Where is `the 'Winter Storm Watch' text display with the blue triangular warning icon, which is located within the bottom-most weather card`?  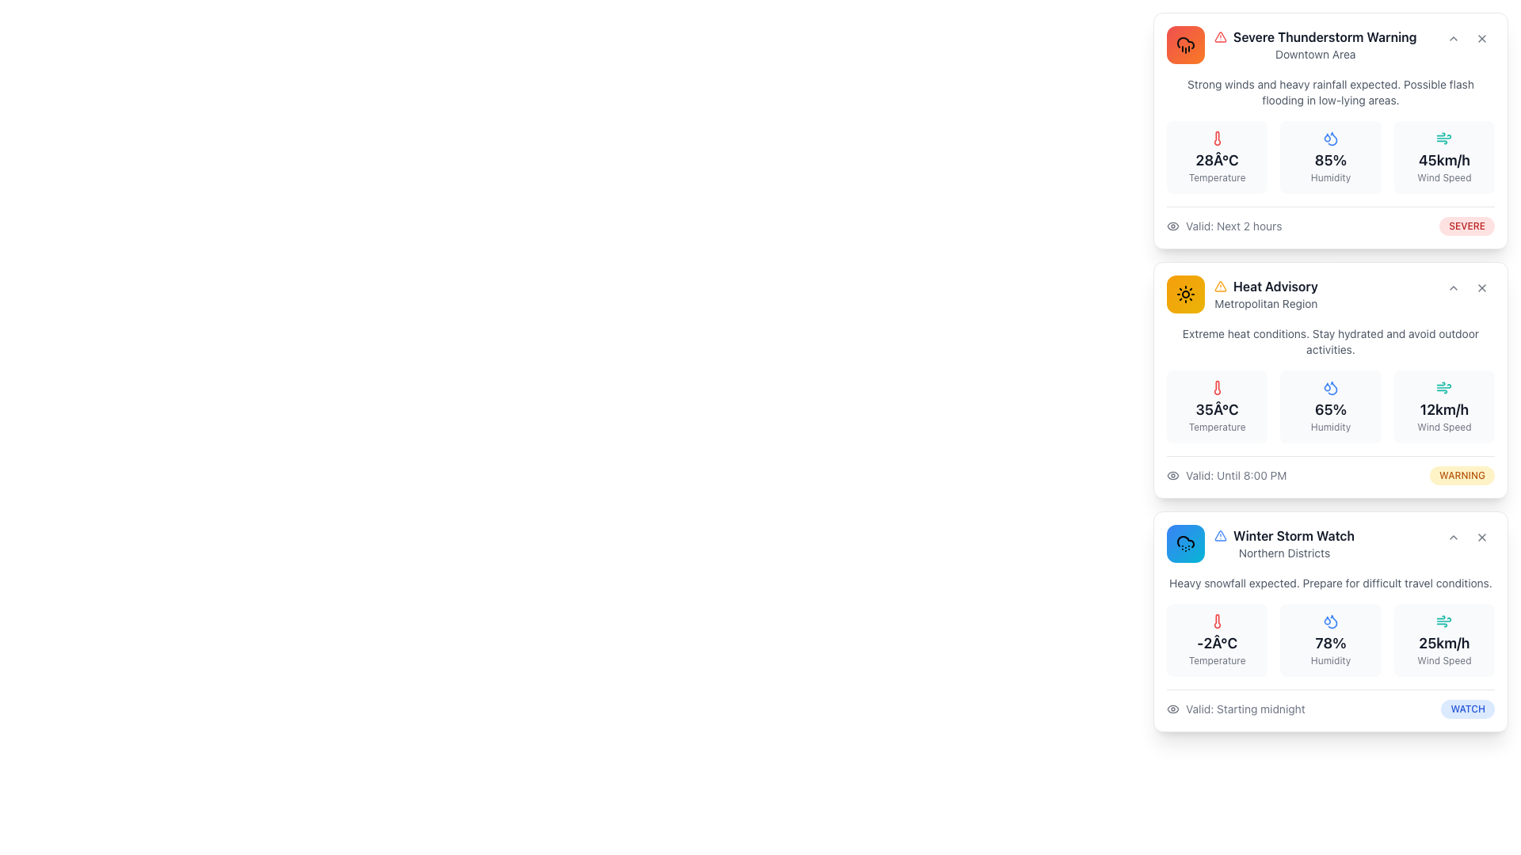 the 'Winter Storm Watch' text display with the blue triangular warning icon, which is located within the bottom-most weather card is located at coordinates (1284, 542).